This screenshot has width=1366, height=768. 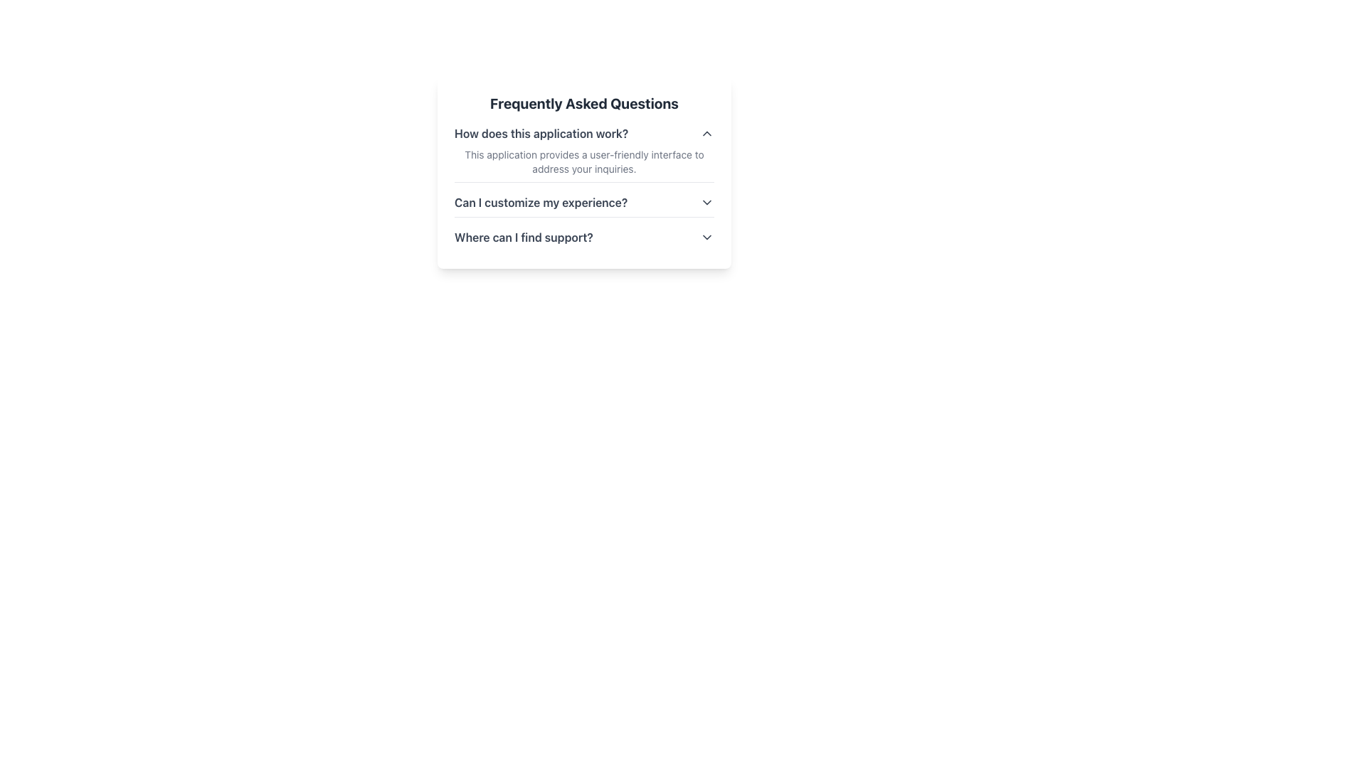 What do you see at coordinates (706, 237) in the screenshot?
I see `the chevron down icon located at the rightmost edge of the question 'Where can I find support?'` at bounding box center [706, 237].